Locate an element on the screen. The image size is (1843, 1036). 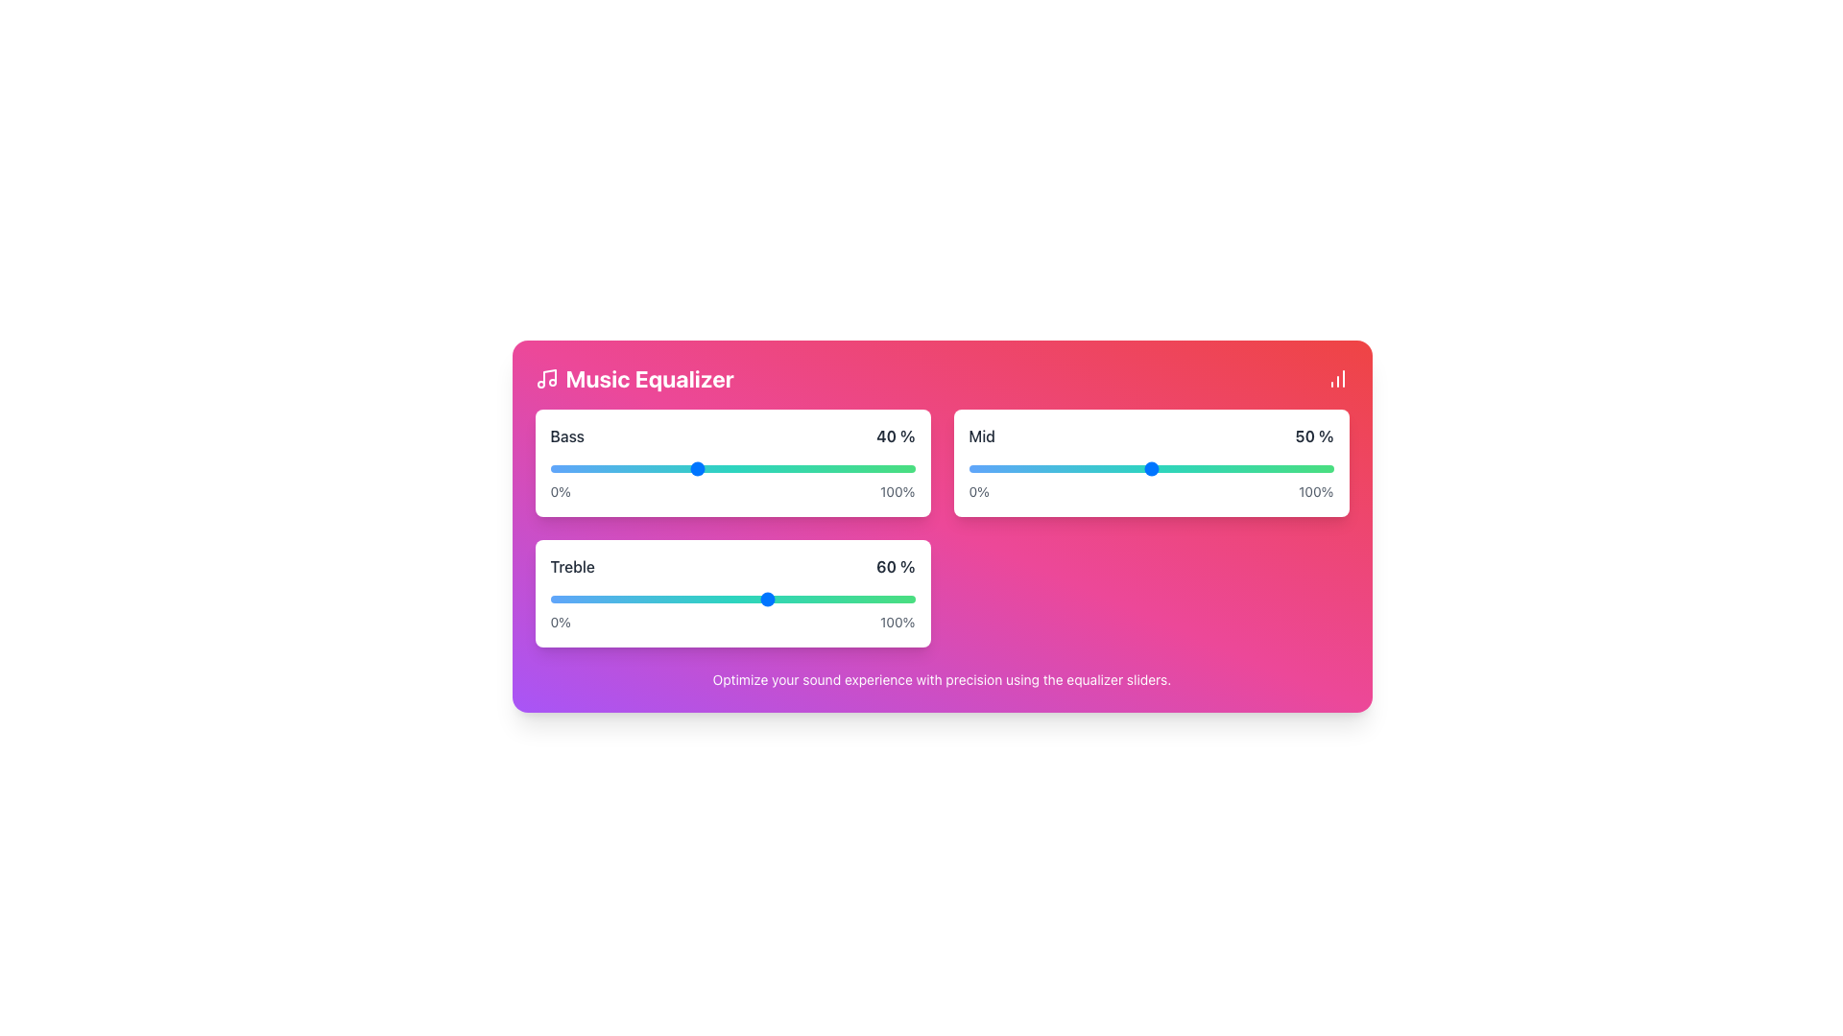
the static text label displaying '0%', which is part of the Treble equalizer slider interface, positioned below the Bass slider is located at coordinates (560, 622).